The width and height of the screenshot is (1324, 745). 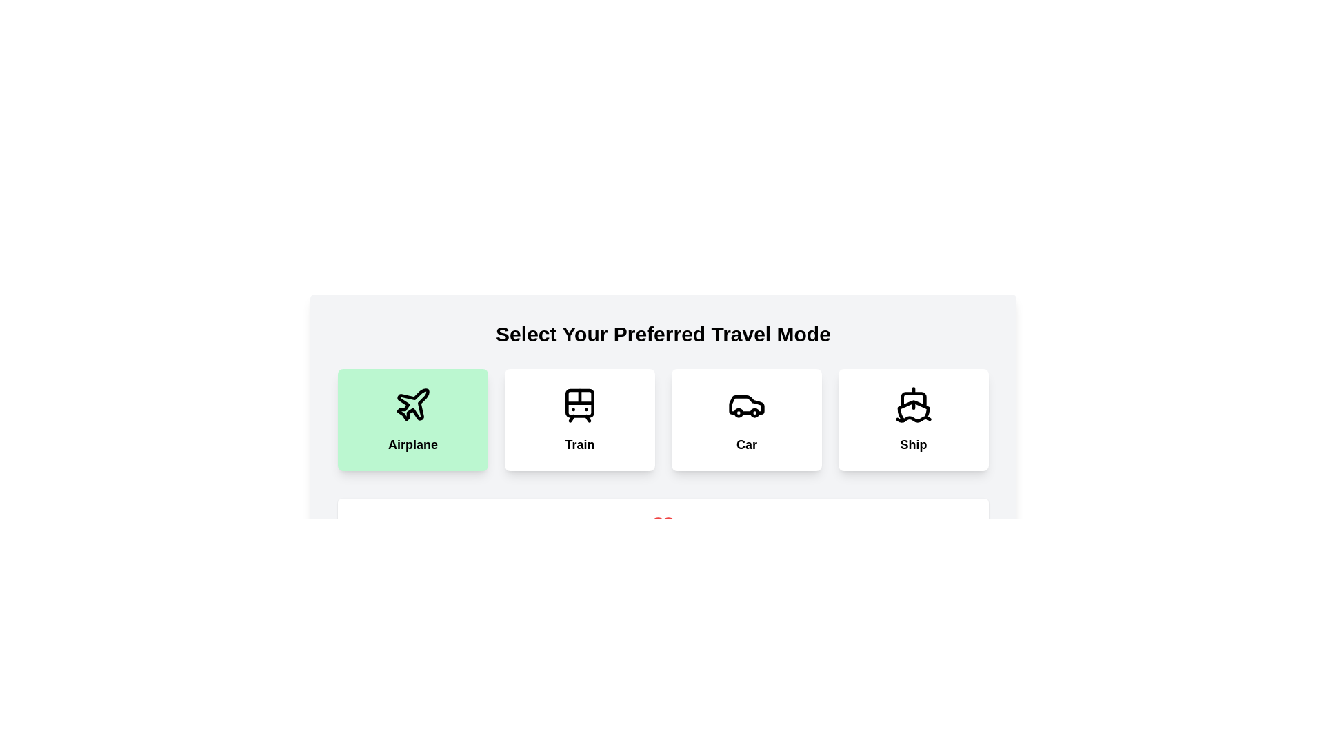 What do you see at coordinates (913, 444) in the screenshot?
I see `the 'Ship' label located in the last card of the travel mode selection interface` at bounding box center [913, 444].